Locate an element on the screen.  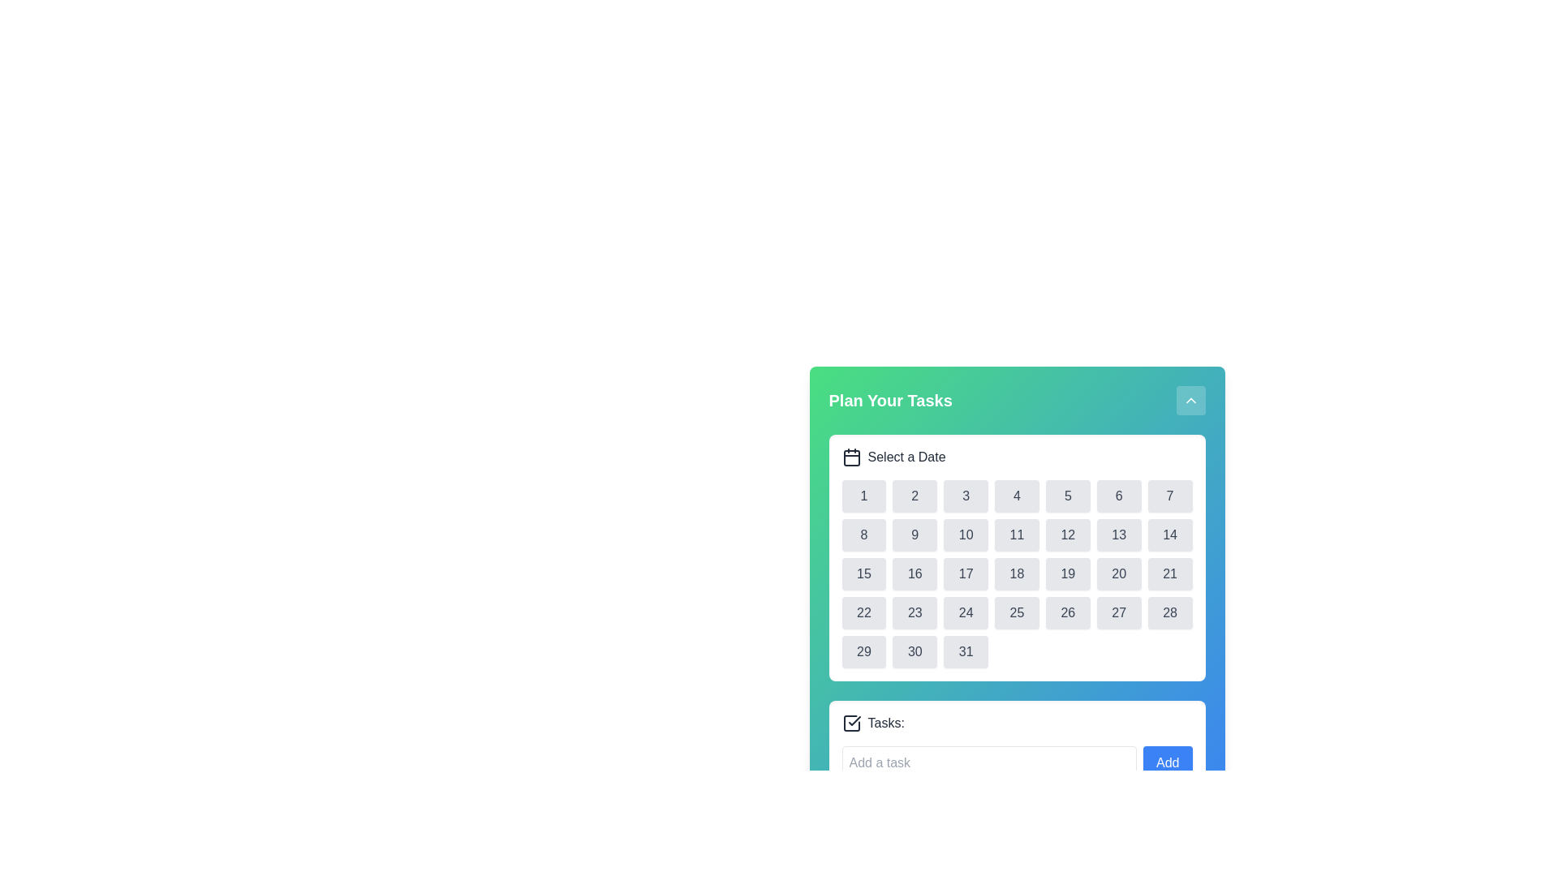
the button that allows users to select the 28th day of the month in the calendar interface is located at coordinates (1170, 613).